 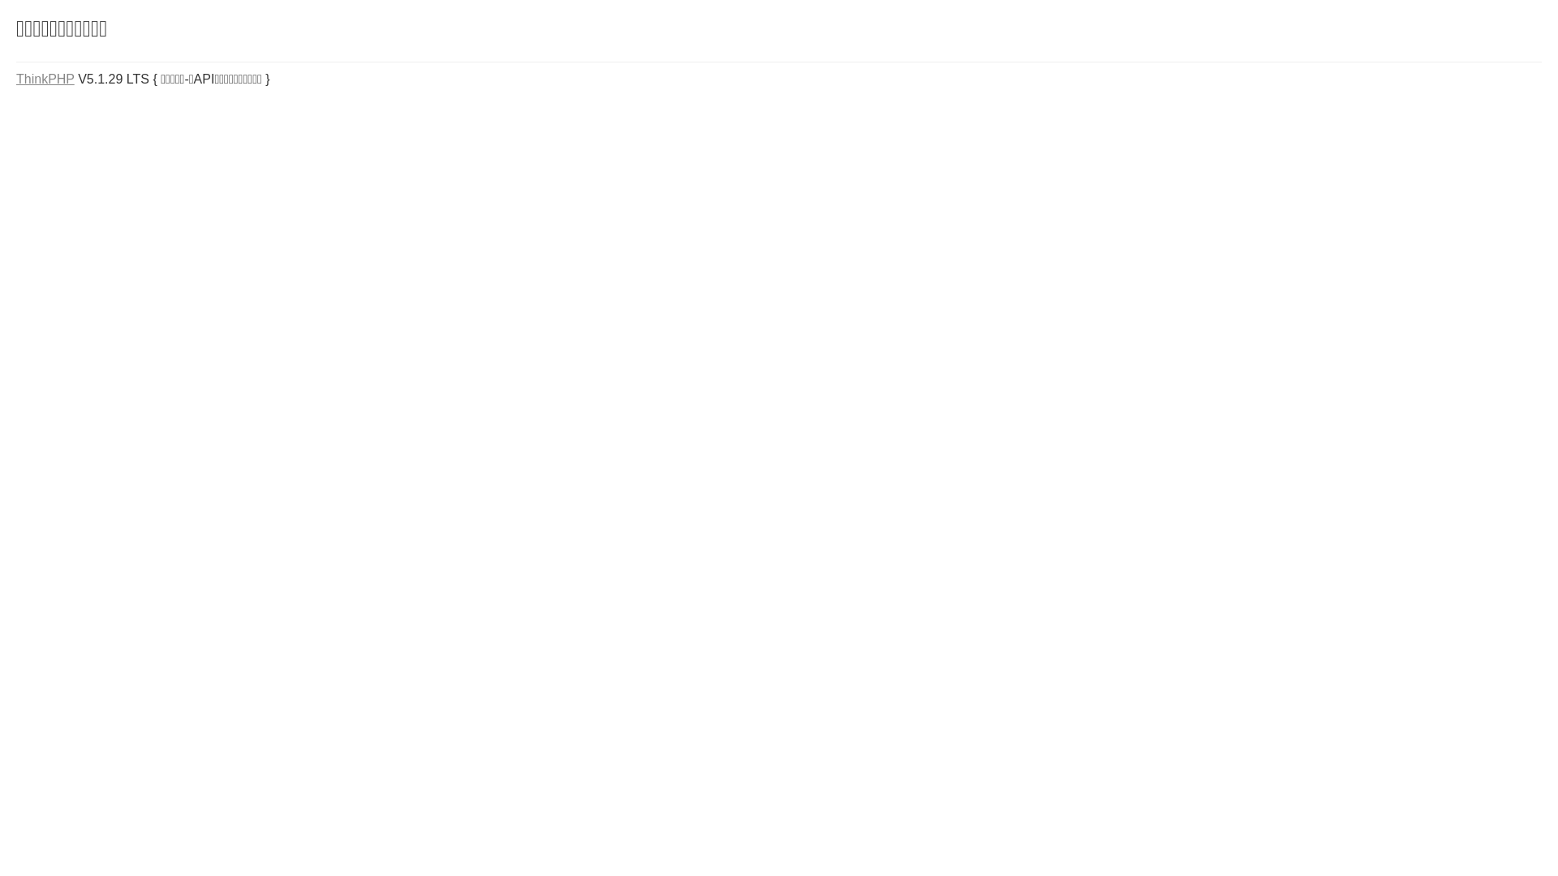 What do you see at coordinates (45, 79) in the screenshot?
I see `'ThinkPHP'` at bounding box center [45, 79].